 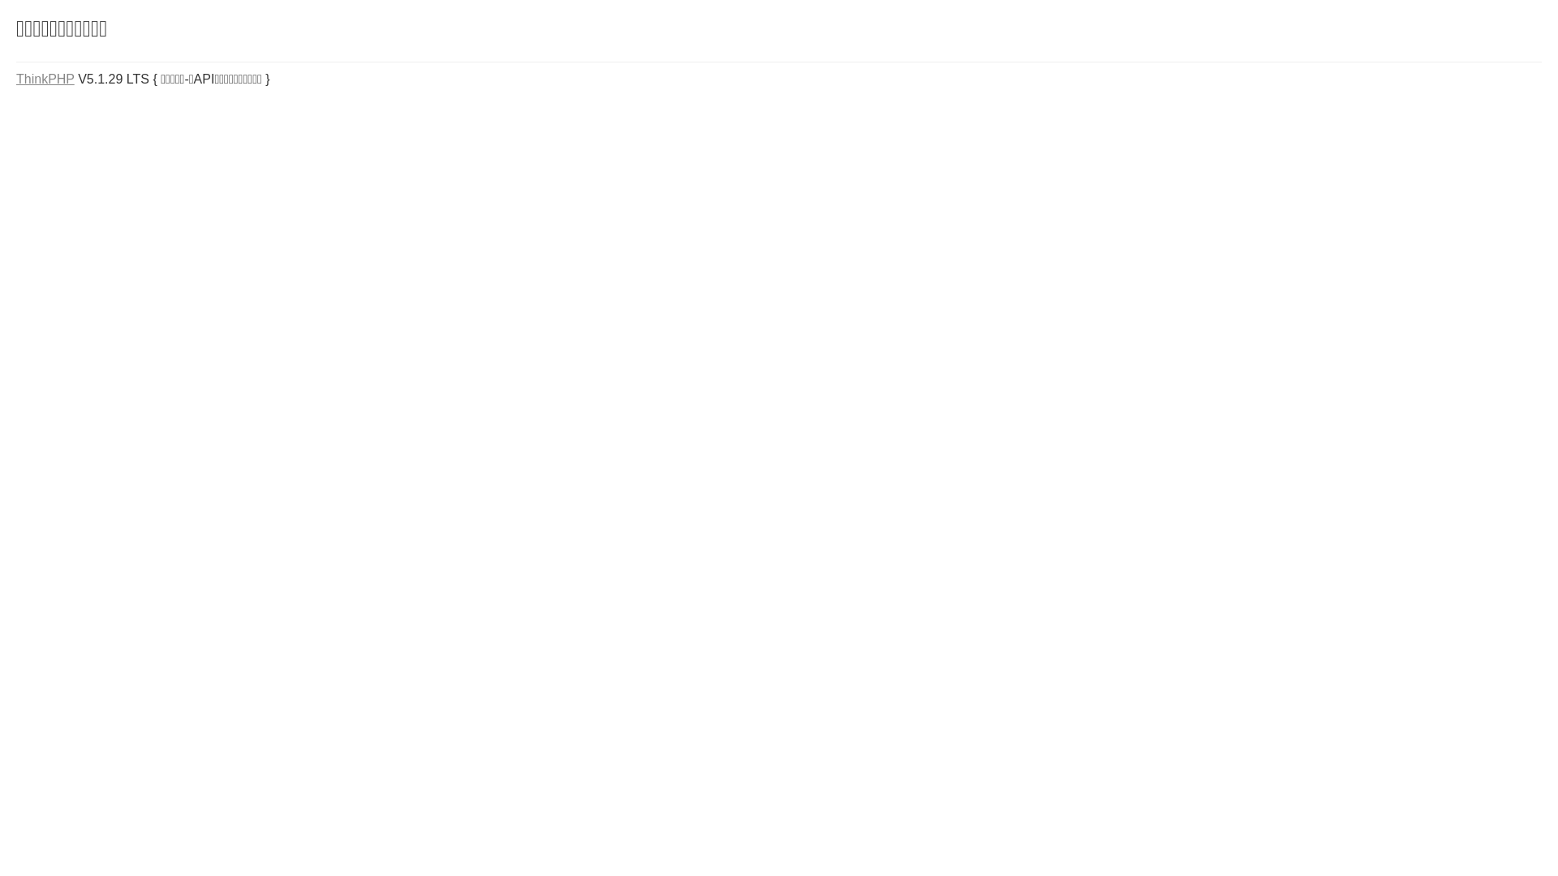 What do you see at coordinates (45, 79) in the screenshot?
I see `'ThinkPHP'` at bounding box center [45, 79].